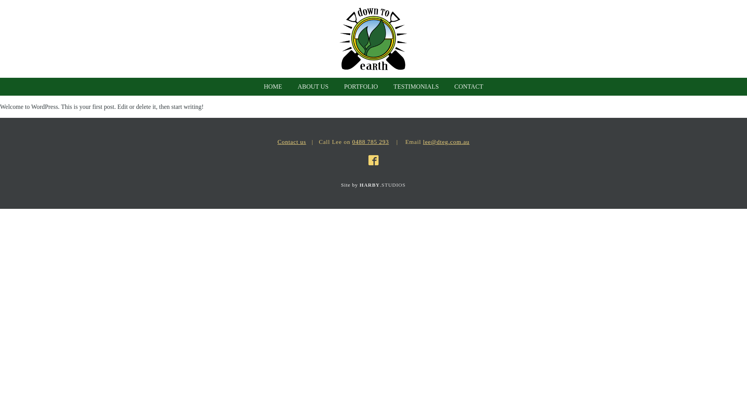 This screenshot has width=747, height=420. Describe the element at coordinates (416, 87) in the screenshot. I see `'TESTIMONIALS'` at that location.